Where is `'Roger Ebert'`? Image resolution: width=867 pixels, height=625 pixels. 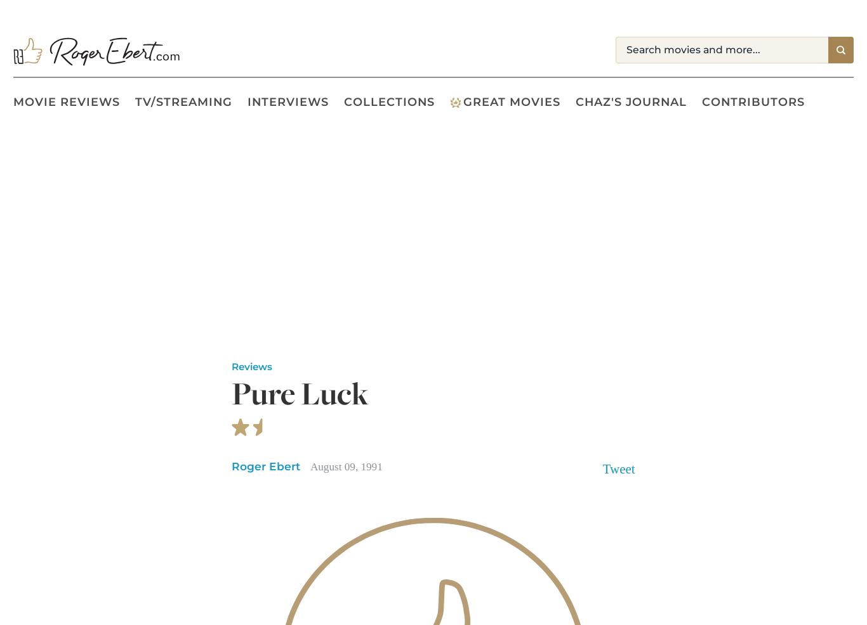 'Roger Ebert' is located at coordinates (230, 465).